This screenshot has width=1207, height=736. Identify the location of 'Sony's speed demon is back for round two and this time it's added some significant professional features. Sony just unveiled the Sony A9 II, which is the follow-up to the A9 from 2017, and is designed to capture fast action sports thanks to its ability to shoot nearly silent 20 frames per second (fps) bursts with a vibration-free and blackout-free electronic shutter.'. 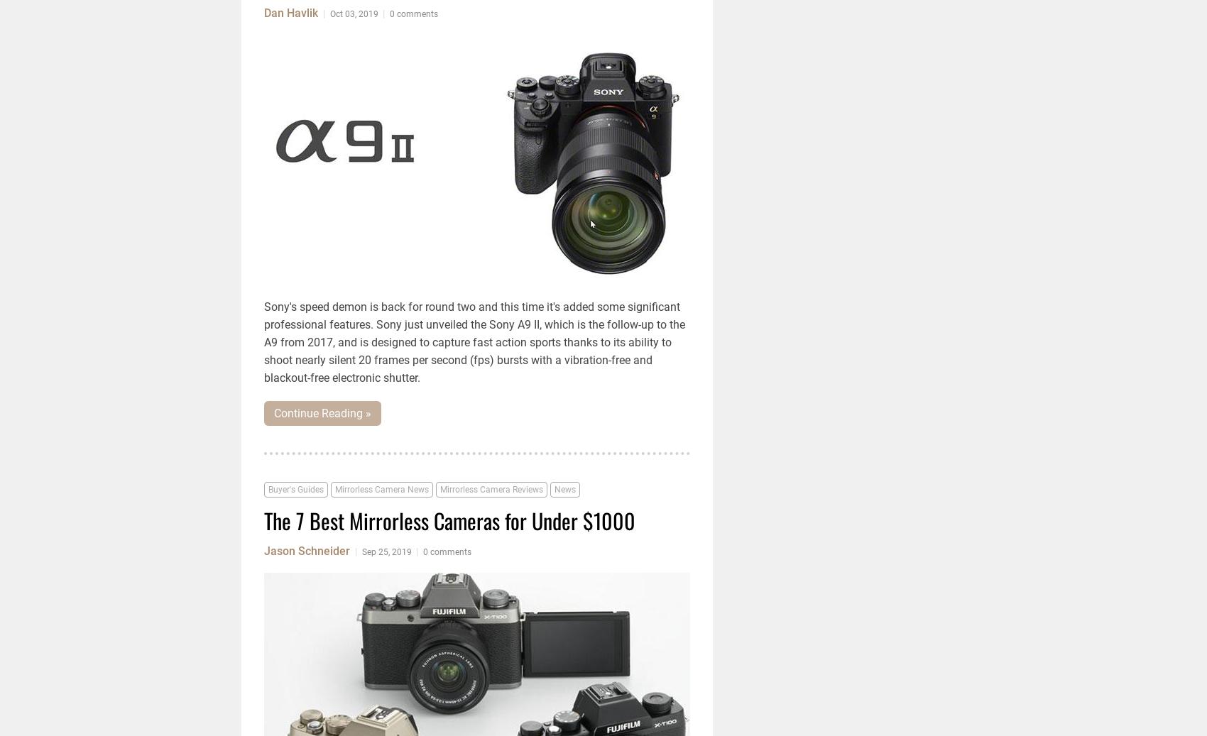
(474, 341).